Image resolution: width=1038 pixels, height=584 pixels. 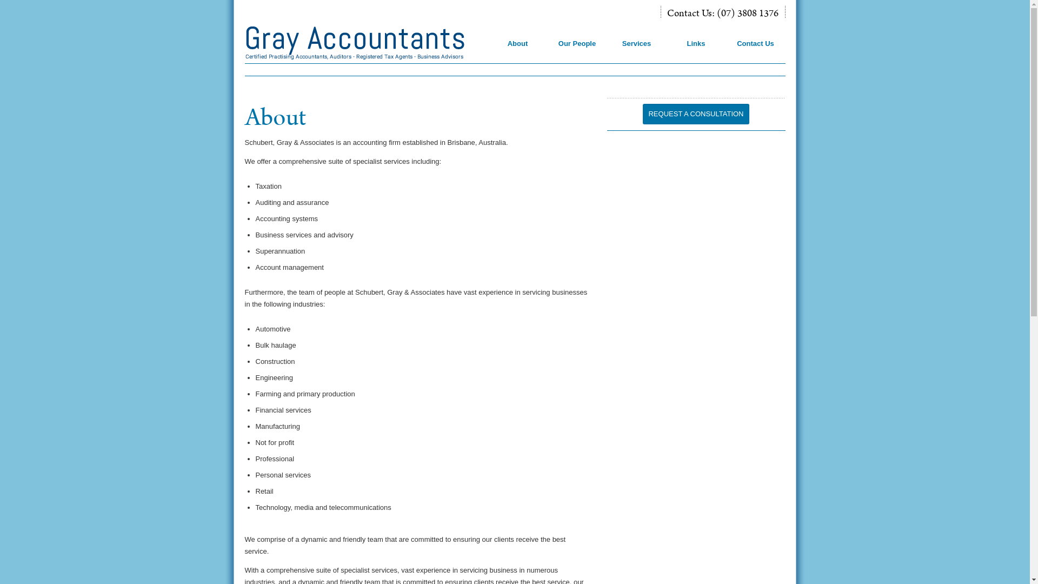 I want to click on 'About', so click(x=518, y=51).